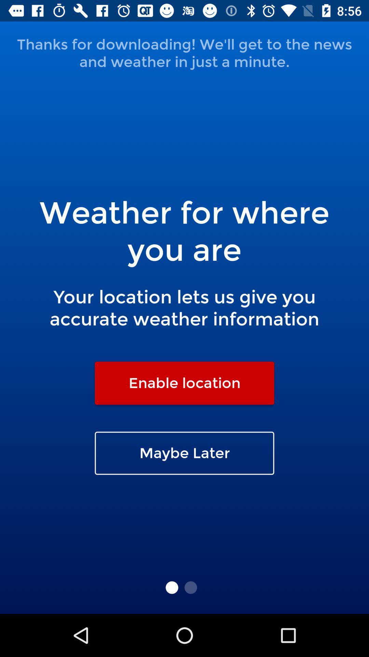  Describe the element at coordinates (184, 453) in the screenshot. I see `icon below the enable location icon` at that location.